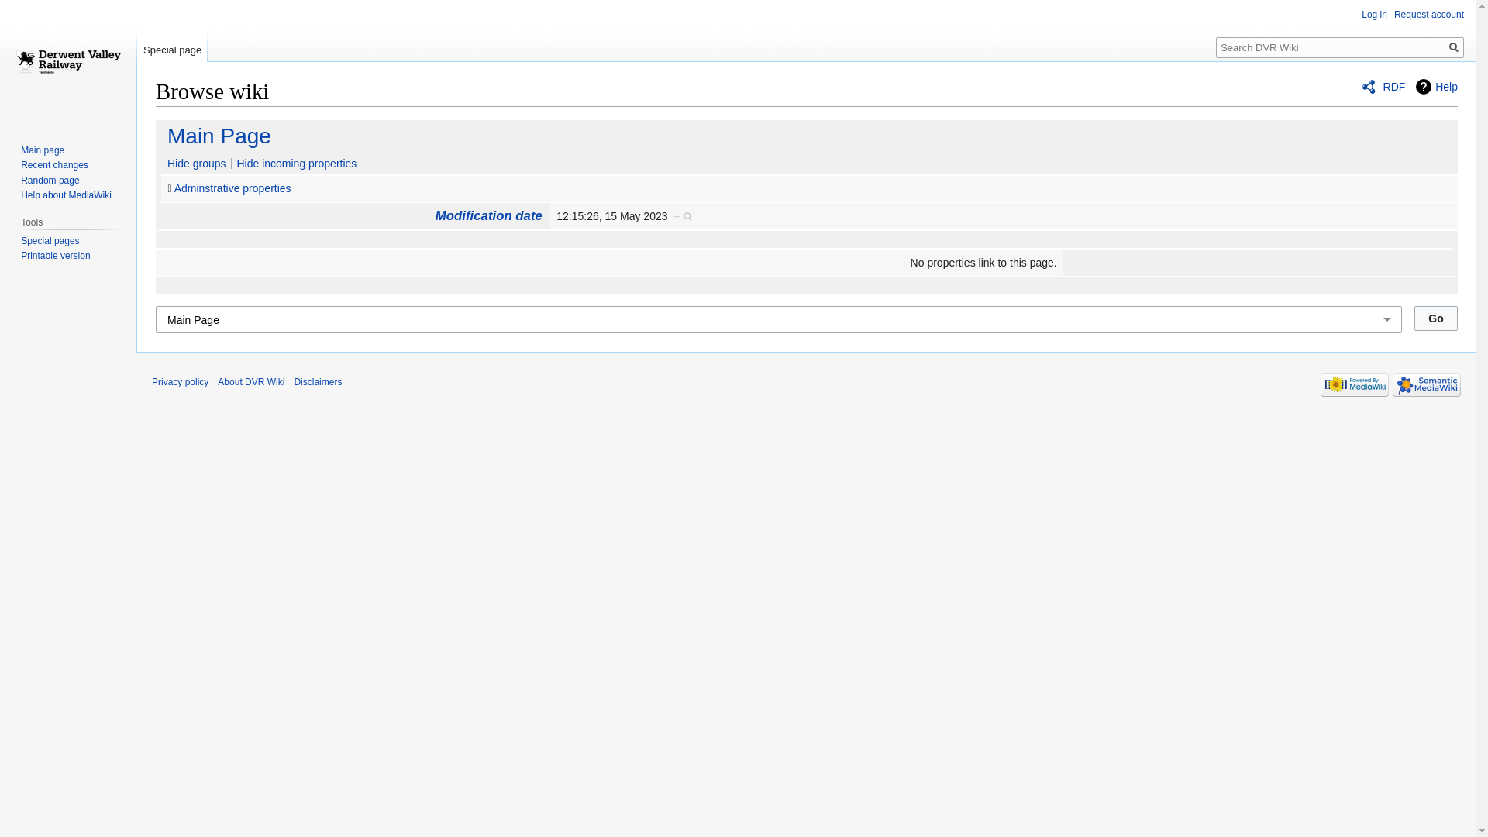 Image resolution: width=1488 pixels, height=837 pixels. I want to click on 'Hide groups', so click(192, 164).